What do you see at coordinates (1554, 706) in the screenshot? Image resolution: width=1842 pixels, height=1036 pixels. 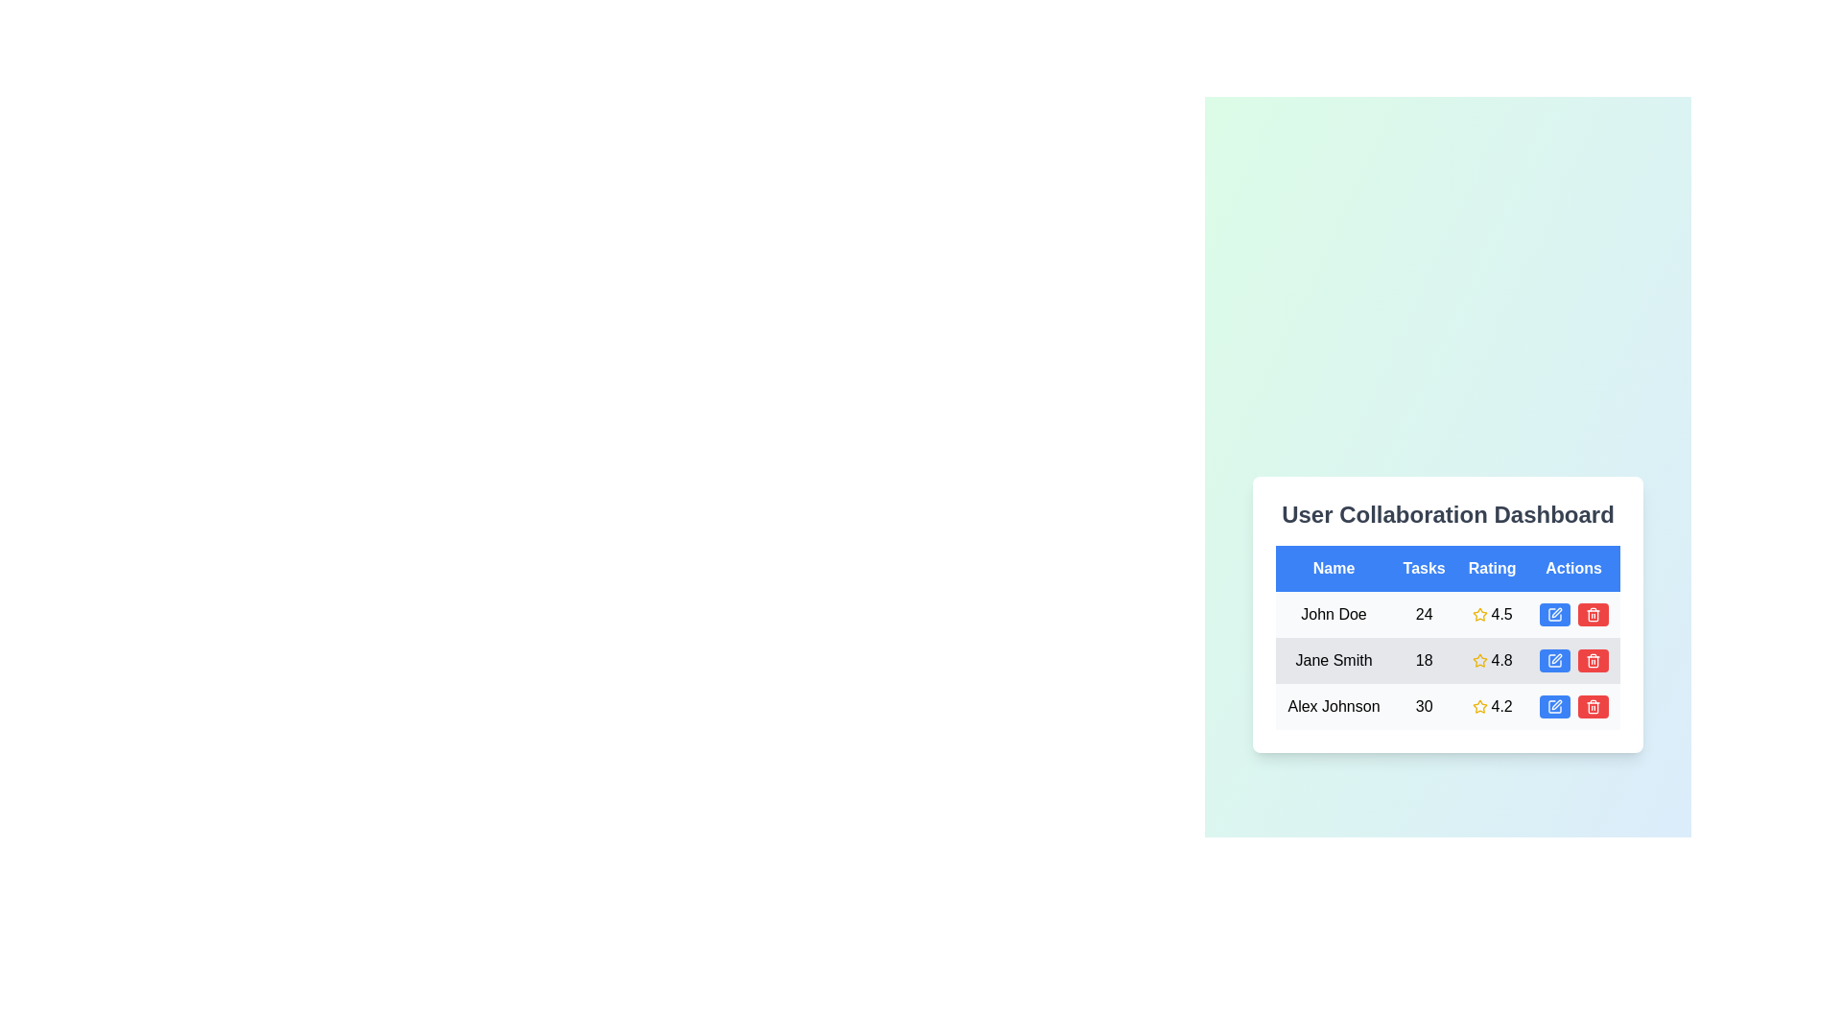 I see `the edit icon button in the 'Alex Johnson' row to initiate the edit action` at bounding box center [1554, 706].